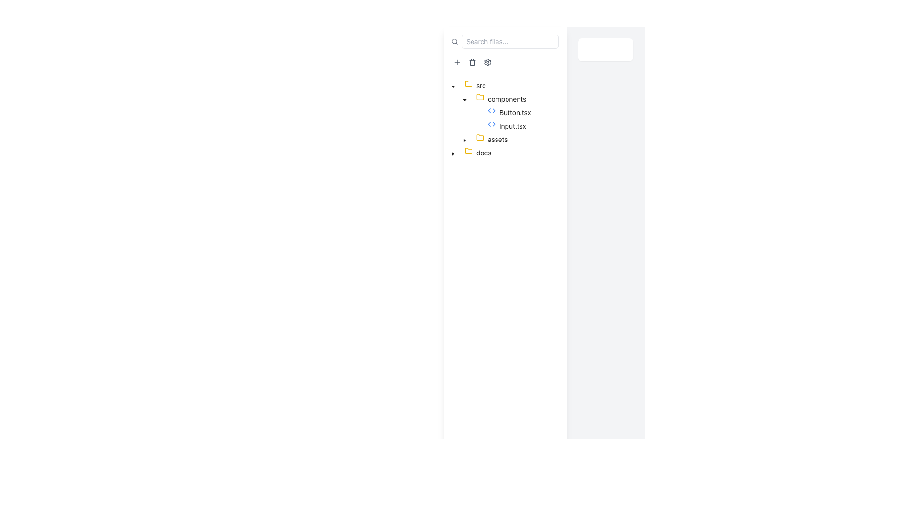  I want to click on the folder icon in the tree view under the 'assets' folder, so click(482, 139).